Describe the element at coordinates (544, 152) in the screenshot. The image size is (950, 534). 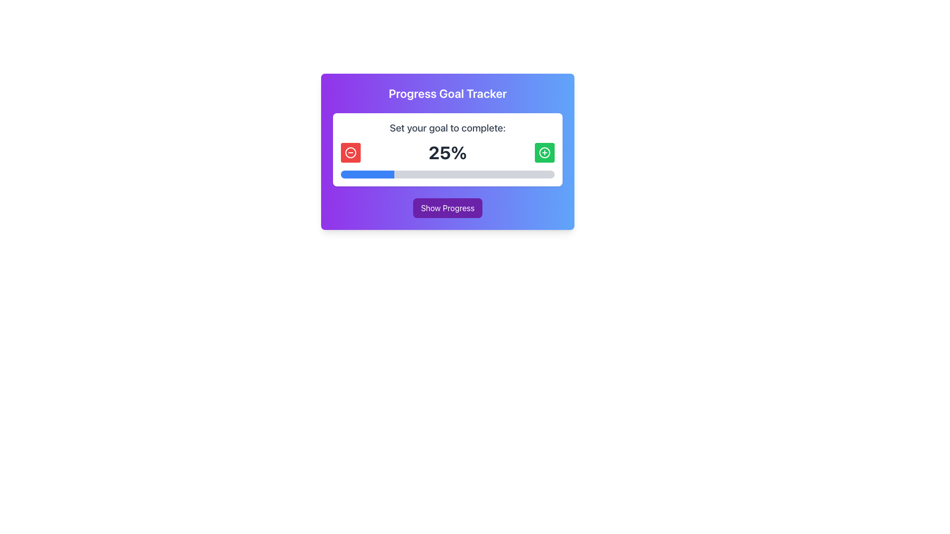
I see `the SVG circle component in the progress tracker, located to the right of the numeric progress indicator` at that location.